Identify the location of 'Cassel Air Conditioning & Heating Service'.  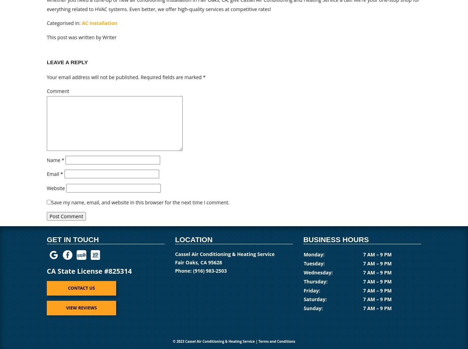
(225, 254).